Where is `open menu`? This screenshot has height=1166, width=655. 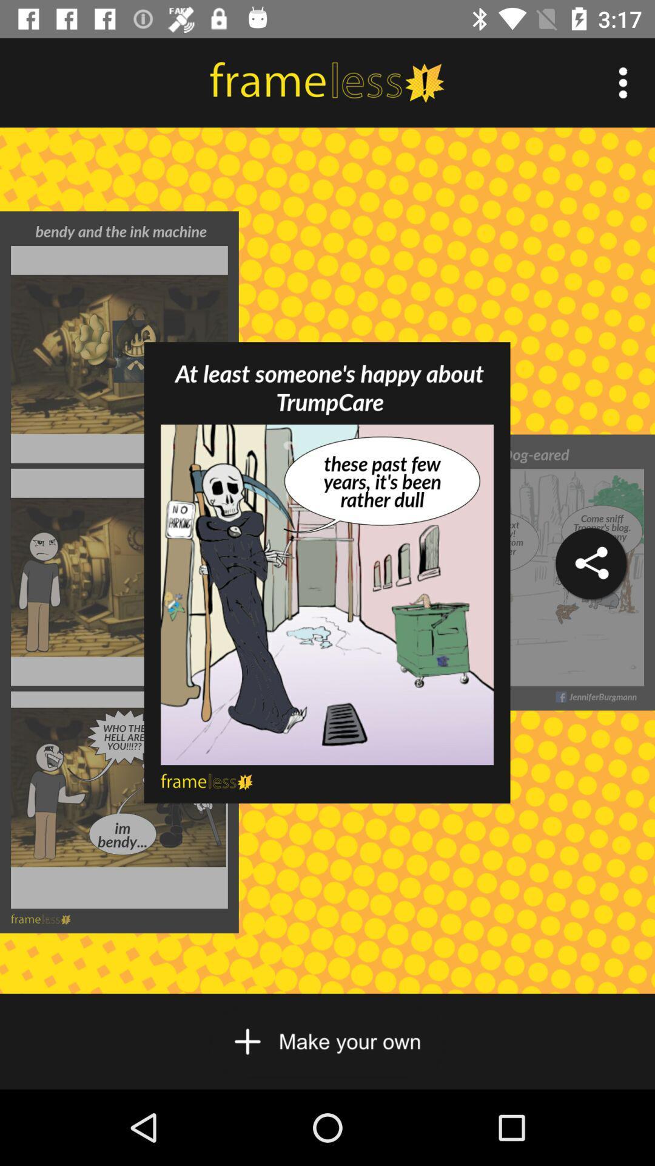
open menu is located at coordinates (623, 82).